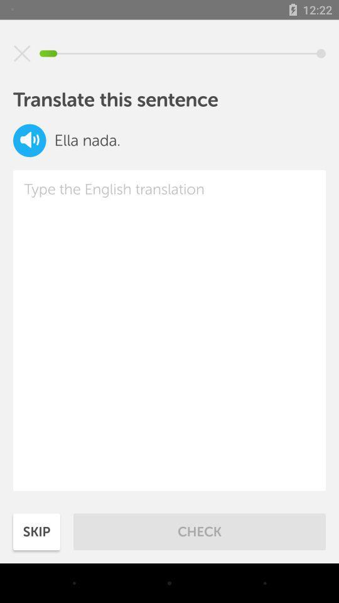  Describe the element at coordinates (30, 140) in the screenshot. I see `speaker option` at that location.